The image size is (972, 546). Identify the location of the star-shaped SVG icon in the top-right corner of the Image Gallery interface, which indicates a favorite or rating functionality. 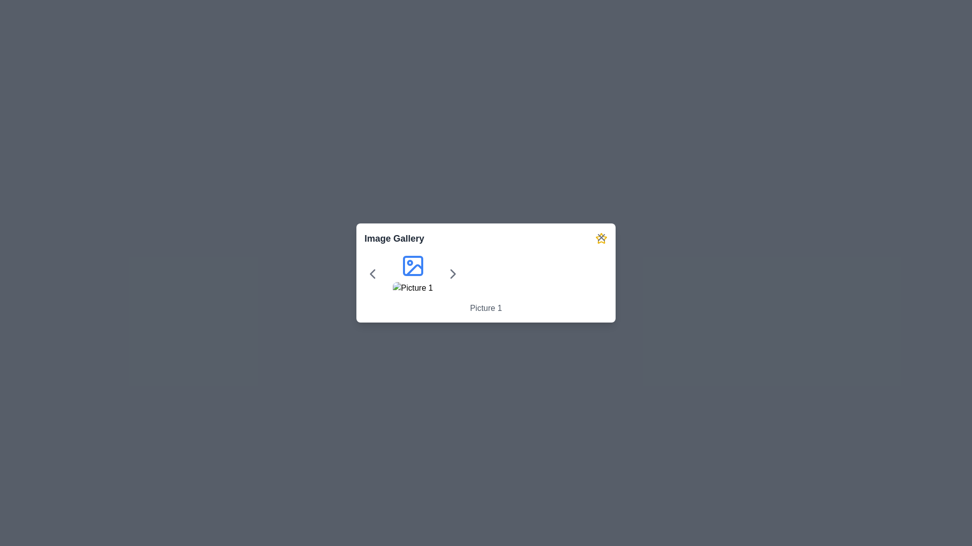
(601, 238).